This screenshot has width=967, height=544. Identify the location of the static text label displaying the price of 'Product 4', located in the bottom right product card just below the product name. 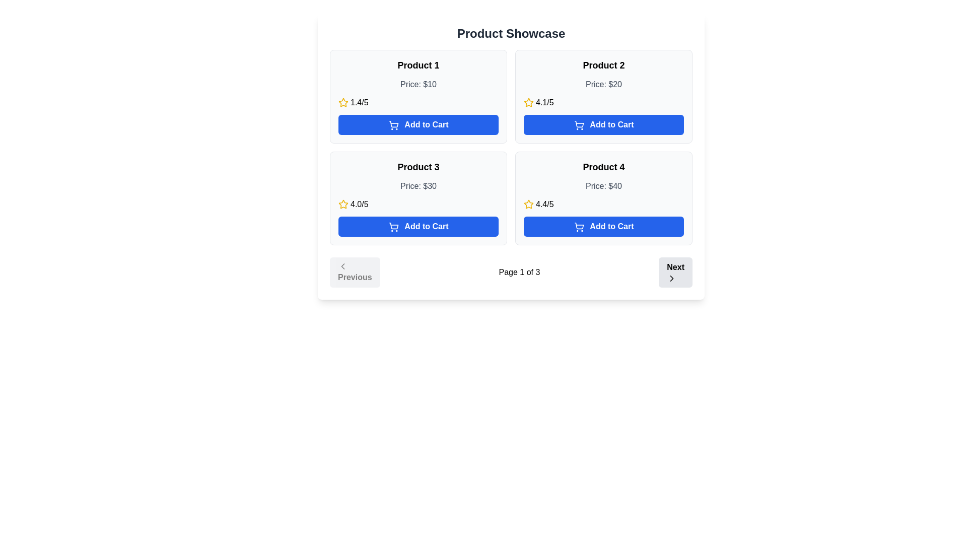
(604, 186).